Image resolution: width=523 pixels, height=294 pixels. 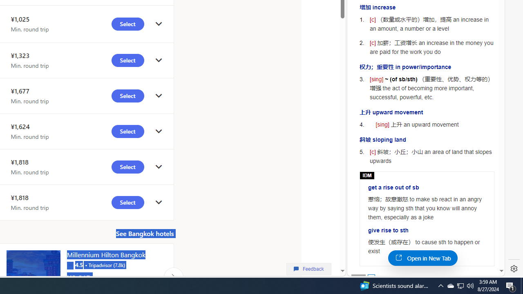 What do you see at coordinates (159, 202) in the screenshot?
I see `'click to get details'` at bounding box center [159, 202].